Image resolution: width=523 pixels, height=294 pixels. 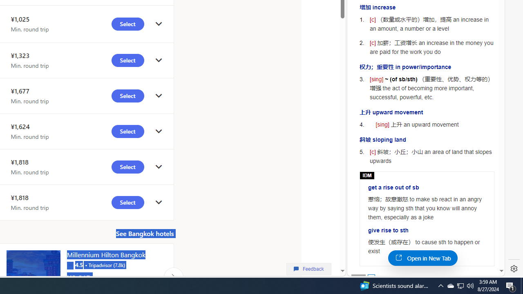 What do you see at coordinates (159, 202) in the screenshot?
I see `'click to get details'` at bounding box center [159, 202].